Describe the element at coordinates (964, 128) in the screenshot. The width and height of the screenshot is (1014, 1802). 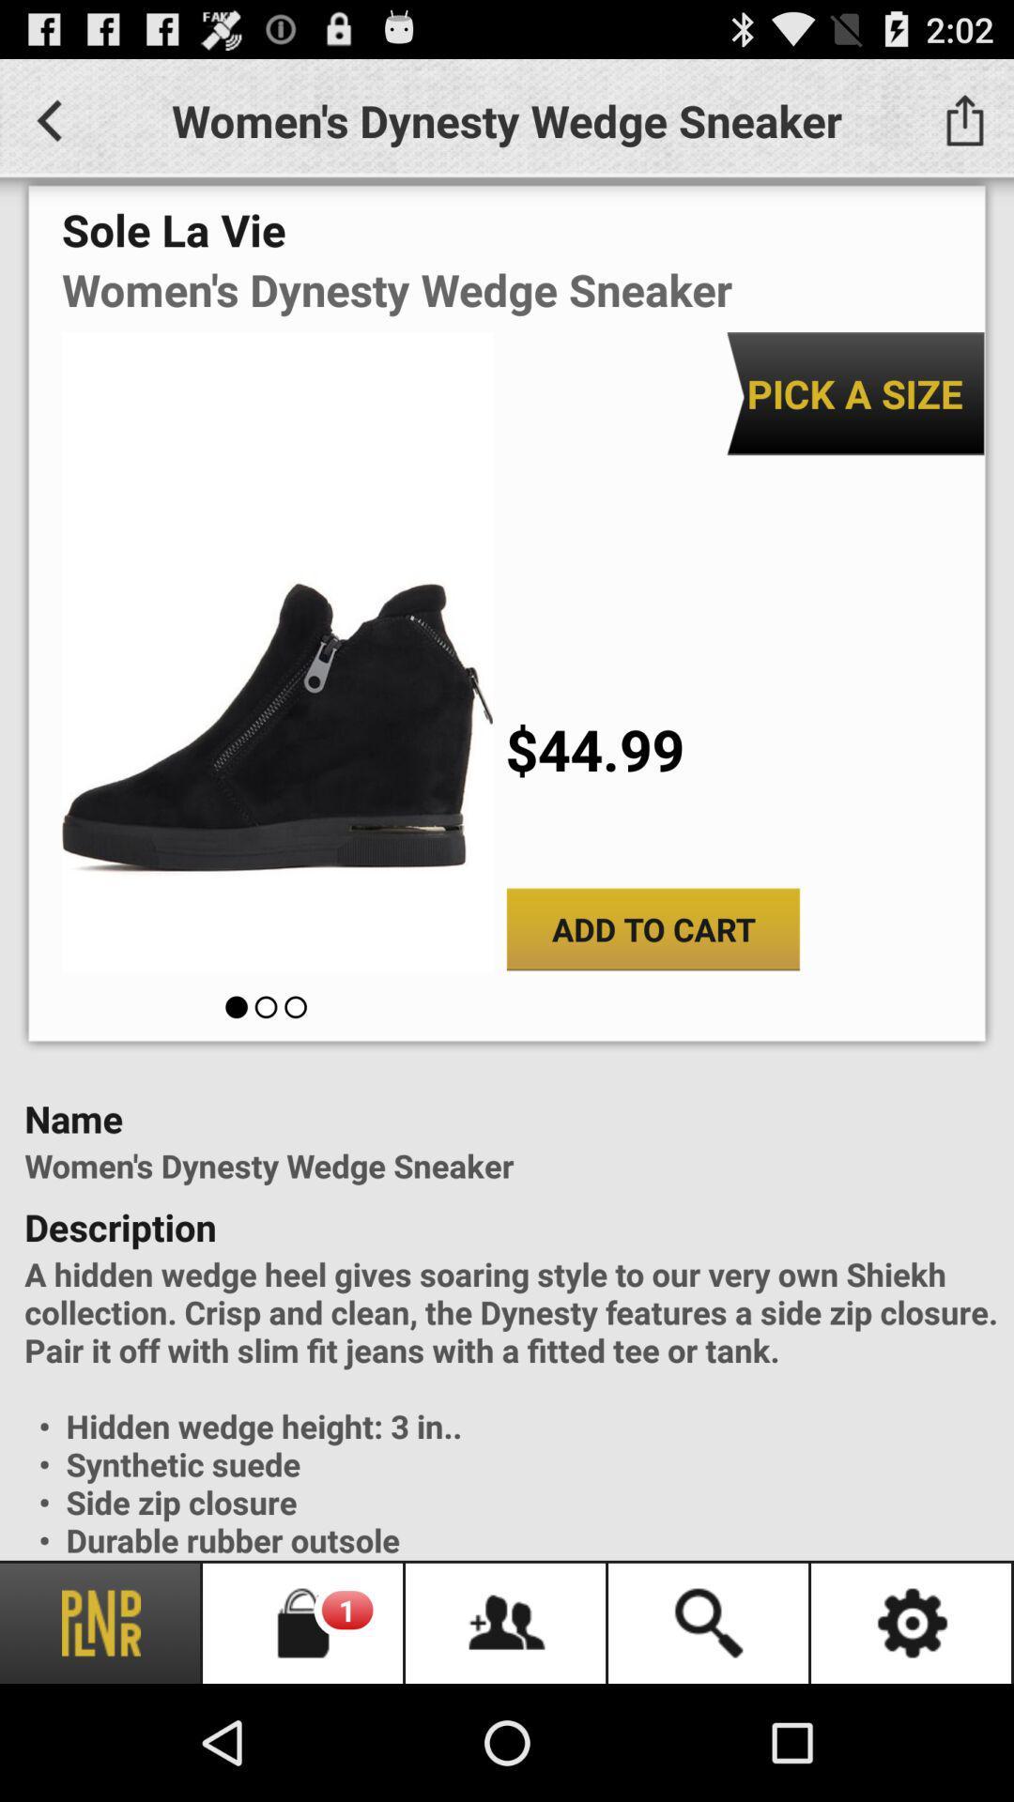
I see `the share icon` at that location.